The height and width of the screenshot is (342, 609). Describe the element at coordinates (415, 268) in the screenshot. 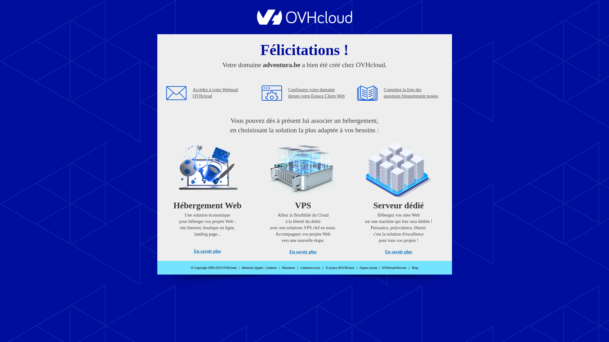

I see `'Blog'` at that location.